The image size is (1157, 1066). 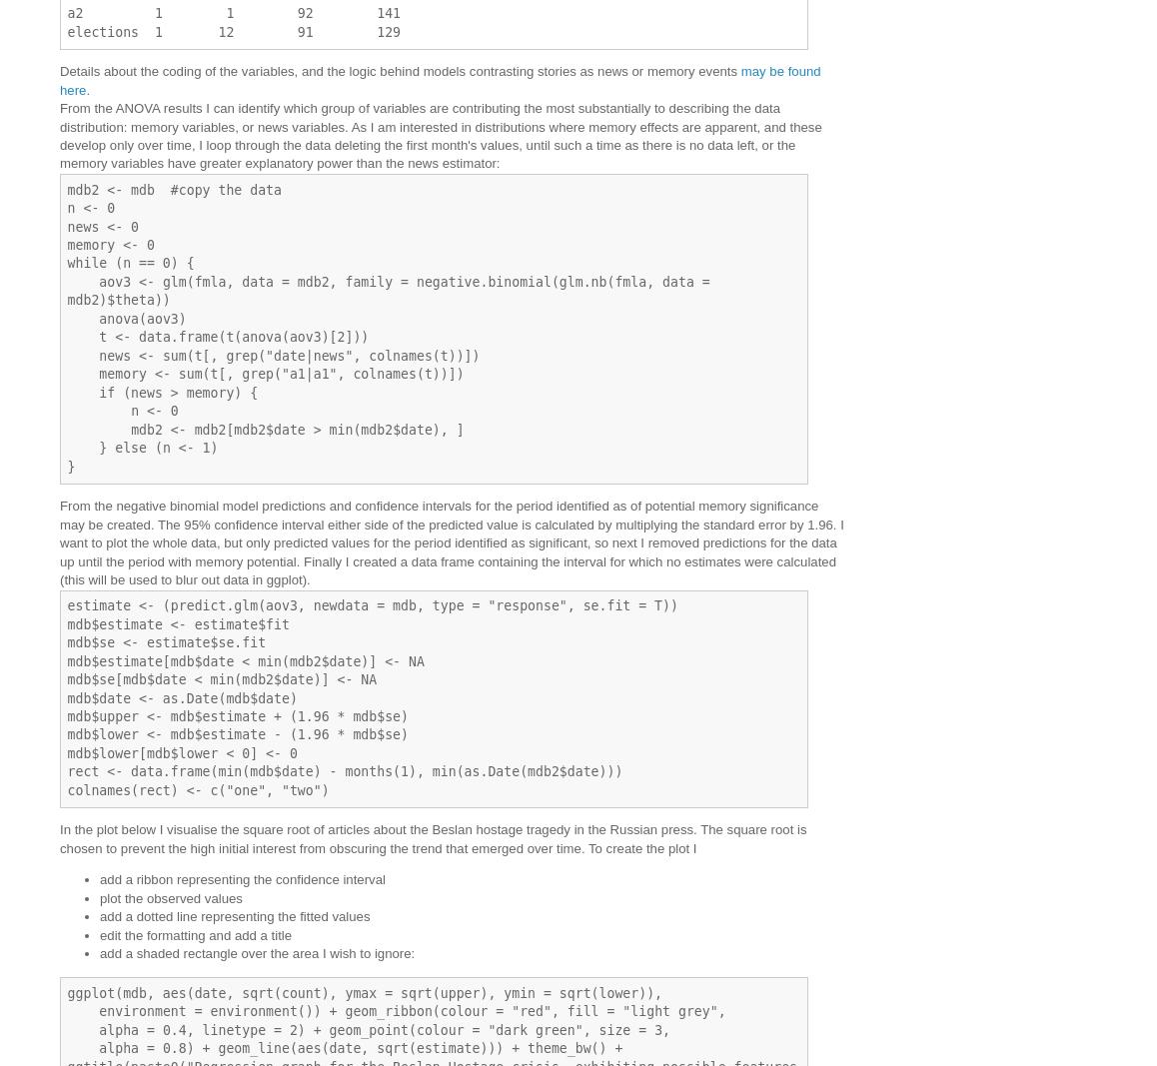 What do you see at coordinates (451, 542) in the screenshot?
I see `'From the negative binomial model predictions and confidence intervals for the period identified as of potential memory significance may be created. The 95% confidence interval either side of the predicted value is calculated by multiplying the standard error by 1.96. I want to plot the whole data, but only predicted values for the period identified as significant, so next I removed predictions for the data up until the period with memory potential. Finally I created a data frame containing the interval for which no estimates were calculated (this will be used to blur out data in ggplot).'` at bounding box center [451, 542].